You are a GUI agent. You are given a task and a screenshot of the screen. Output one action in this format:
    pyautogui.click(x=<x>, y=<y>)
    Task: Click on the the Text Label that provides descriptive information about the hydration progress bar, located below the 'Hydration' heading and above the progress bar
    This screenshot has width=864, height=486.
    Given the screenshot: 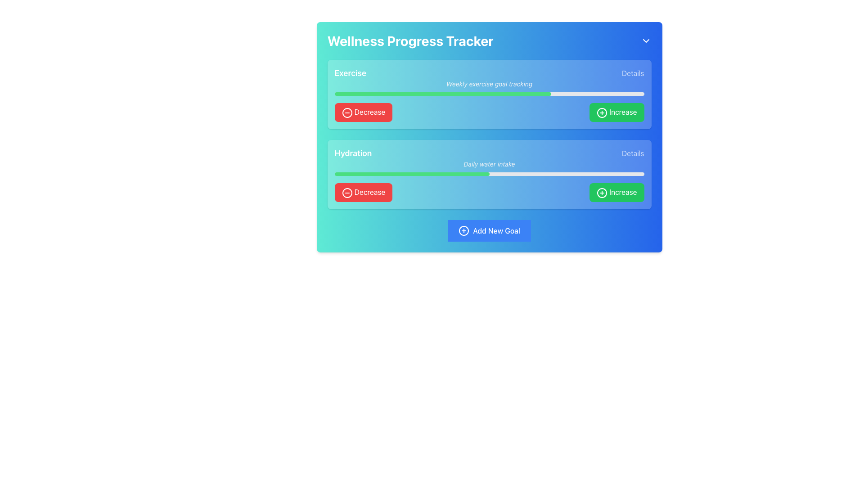 What is the action you would take?
    pyautogui.click(x=489, y=164)
    